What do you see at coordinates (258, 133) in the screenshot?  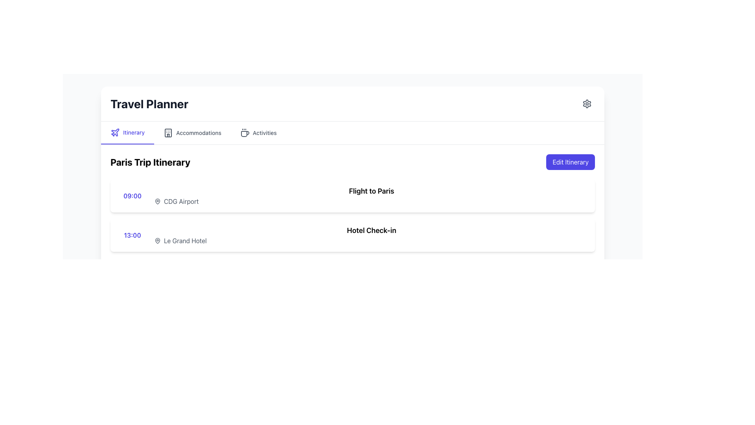 I see `the 'Activities' tab, which is the third tab in the navigation menu below 'Travel Planner', to change its color` at bounding box center [258, 133].